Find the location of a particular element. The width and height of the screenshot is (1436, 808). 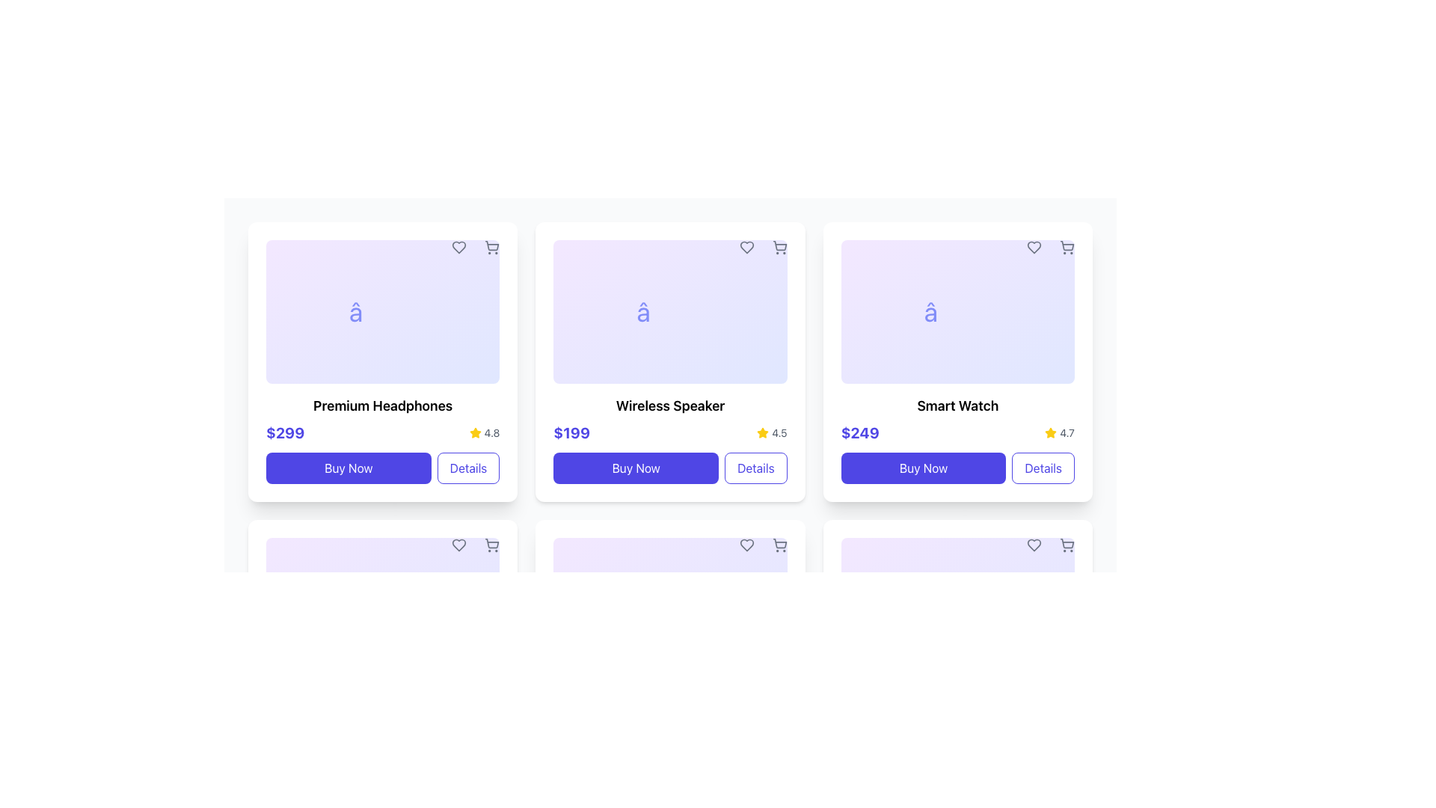

the heart-shaped button in the top-right corner of the 'Wireless Speaker' product card to change its appearance is located at coordinates (746, 247).